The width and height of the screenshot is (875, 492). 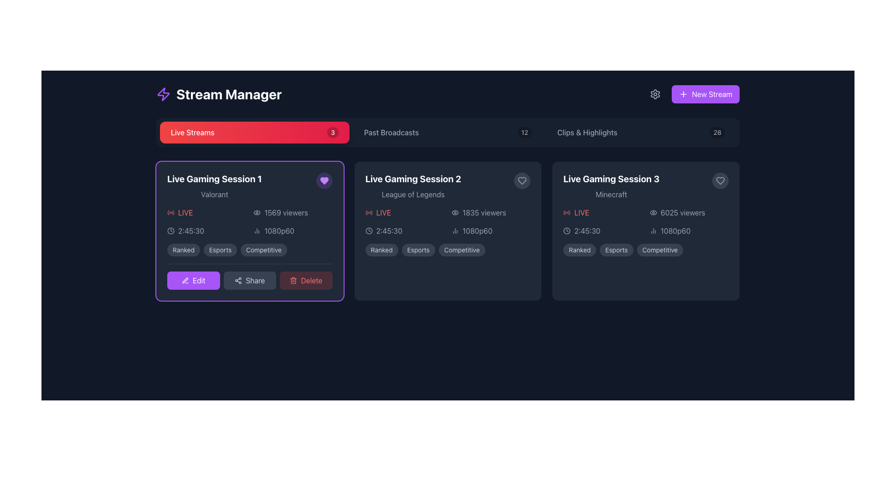 I want to click on header details of the live gaming session card, located in the second card from the left within the 'Live Streams' section, so click(x=448, y=185).